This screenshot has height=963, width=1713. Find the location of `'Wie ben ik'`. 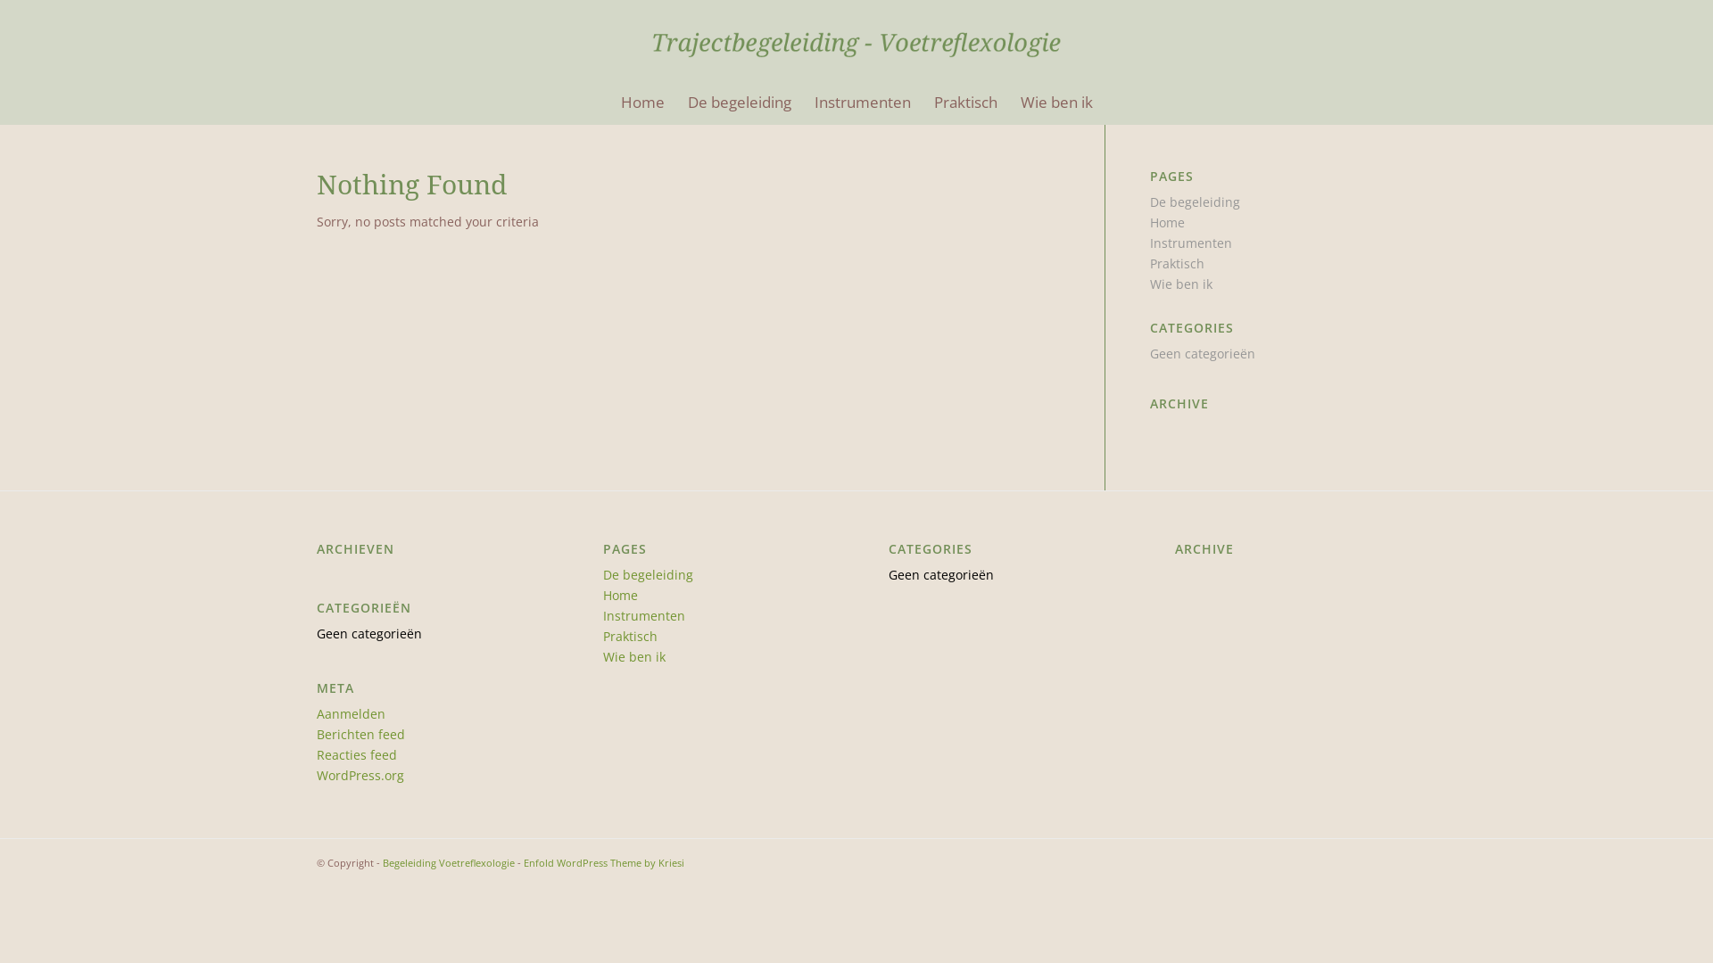

'Wie ben ik' is located at coordinates (633, 656).